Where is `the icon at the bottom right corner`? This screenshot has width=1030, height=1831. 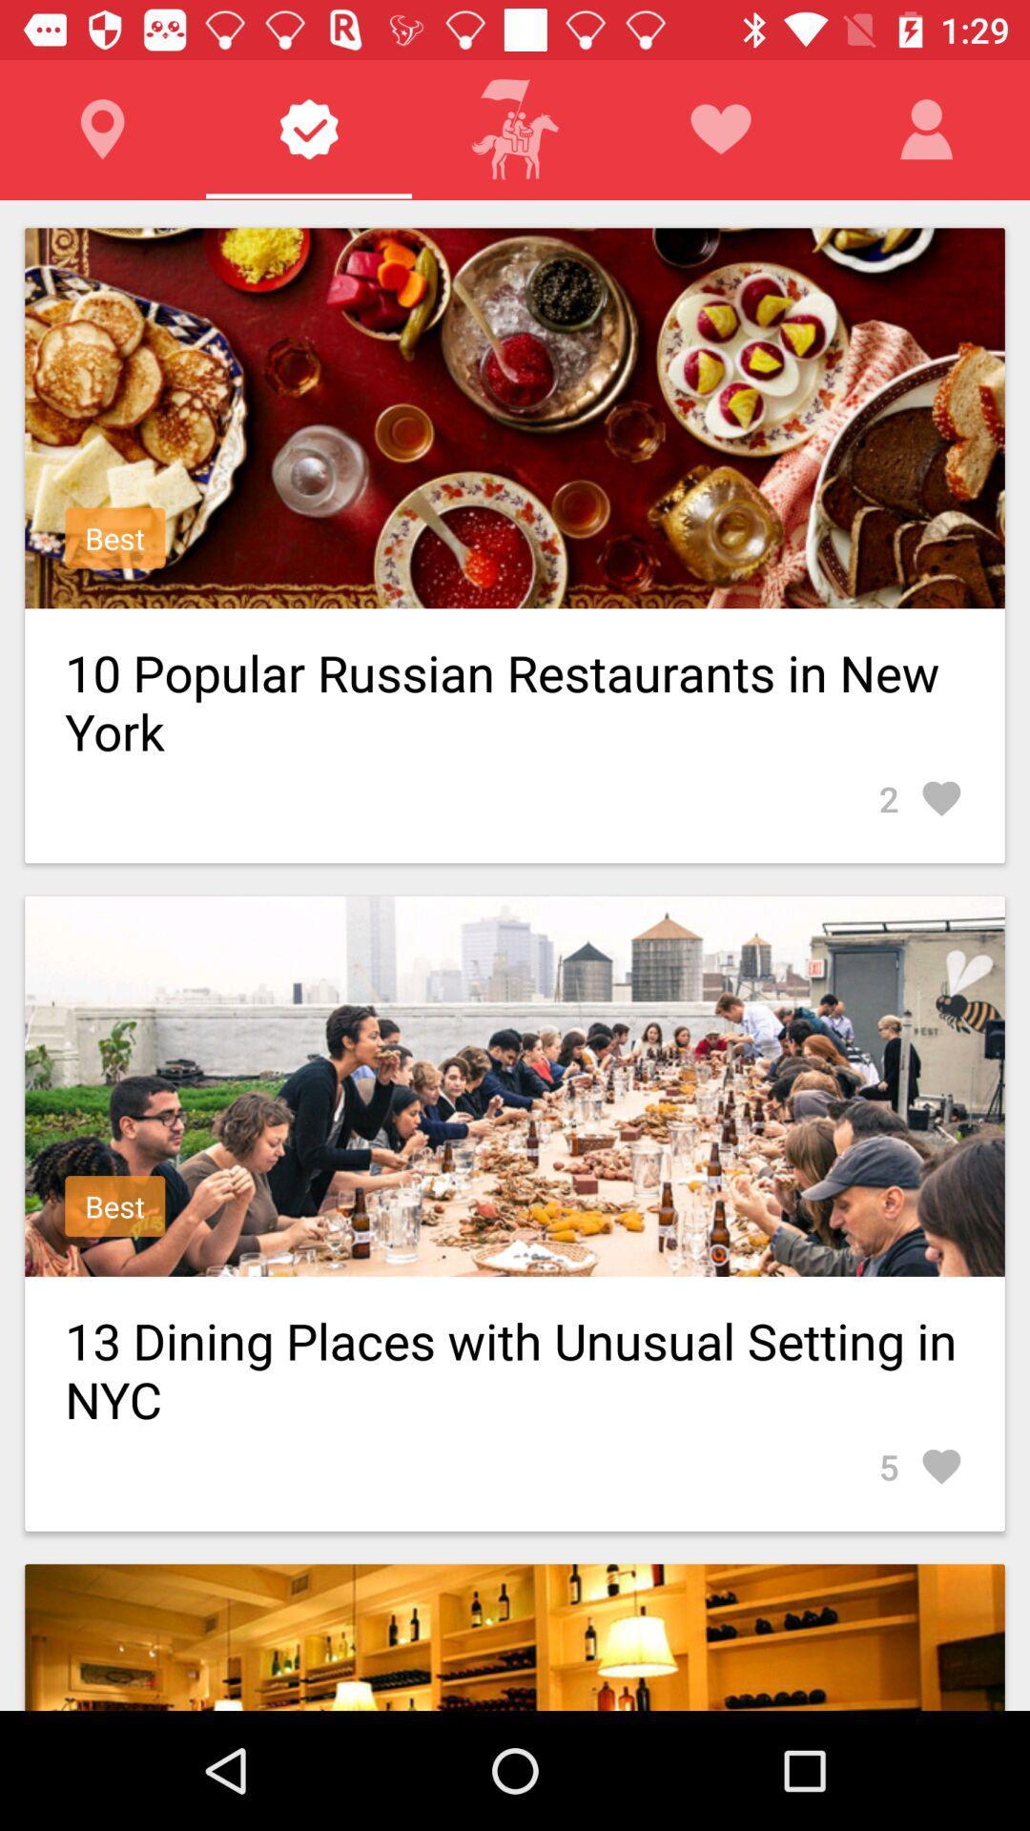 the icon at the bottom right corner is located at coordinates (920, 1466).